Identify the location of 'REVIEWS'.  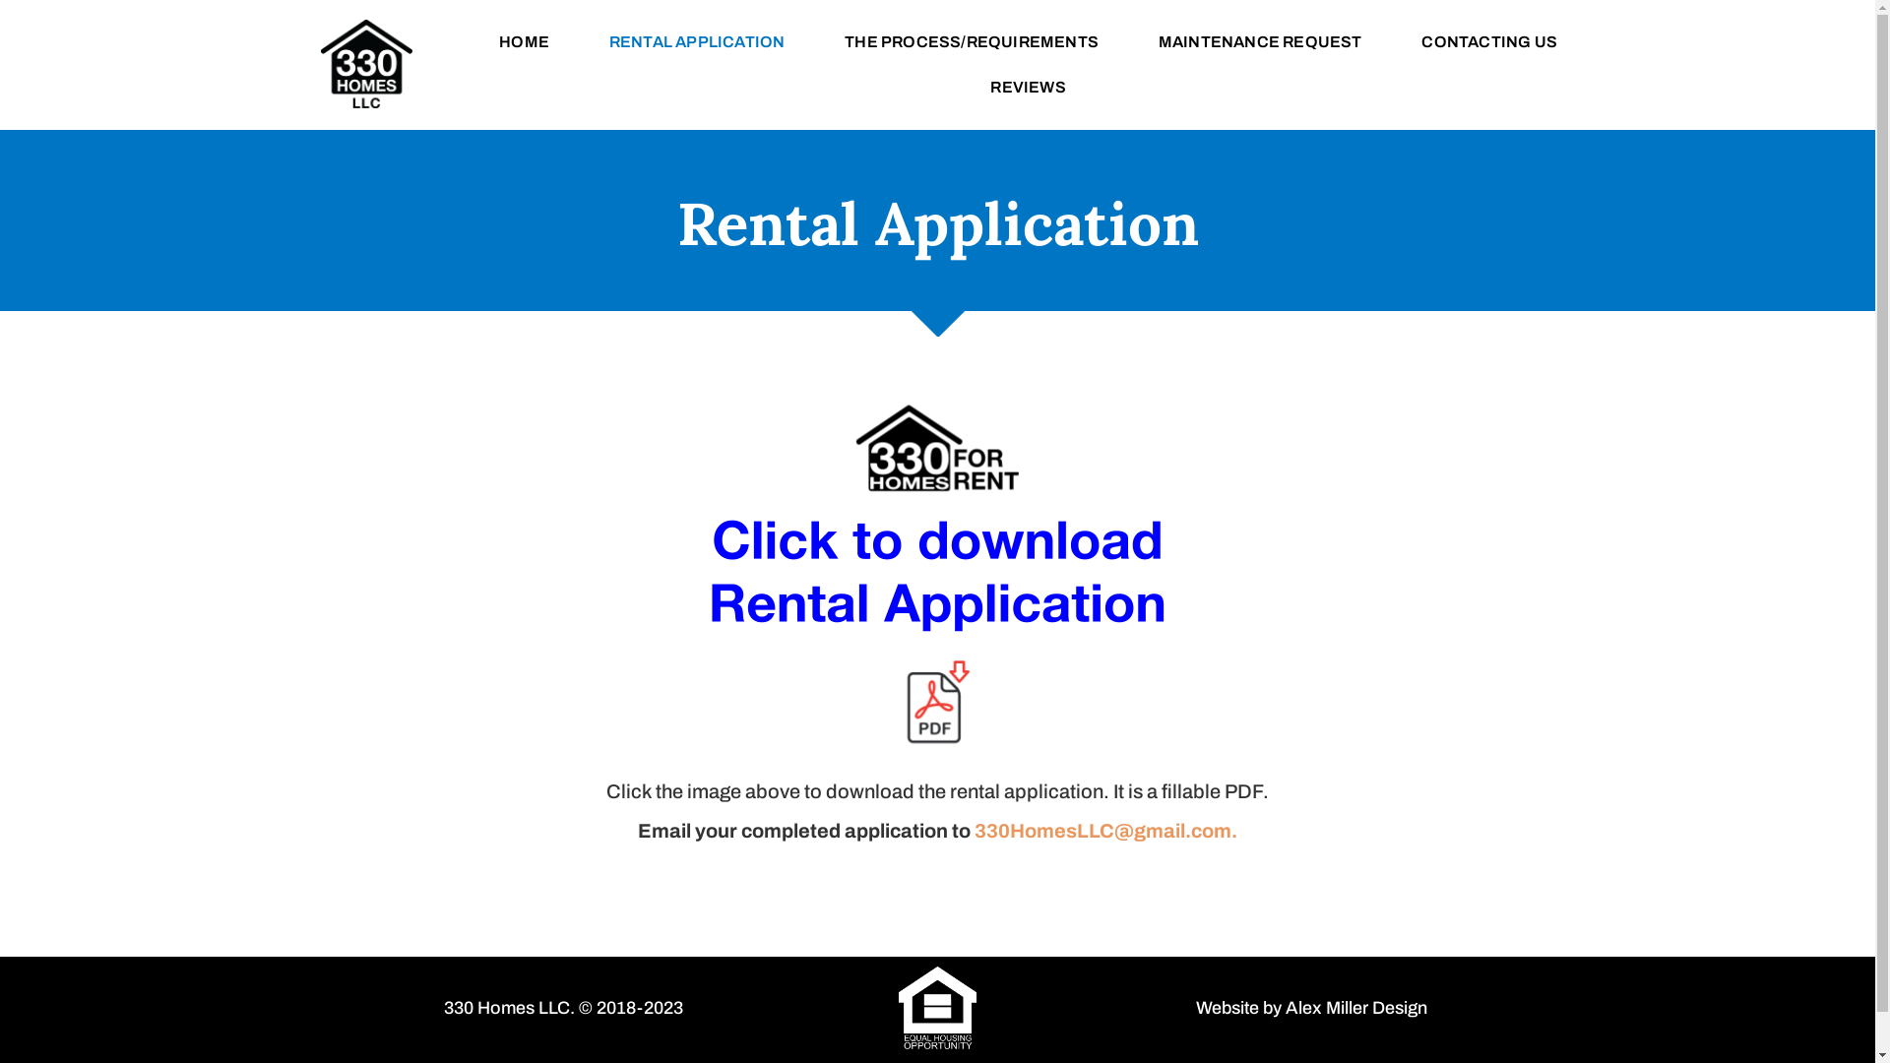
(1028, 86).